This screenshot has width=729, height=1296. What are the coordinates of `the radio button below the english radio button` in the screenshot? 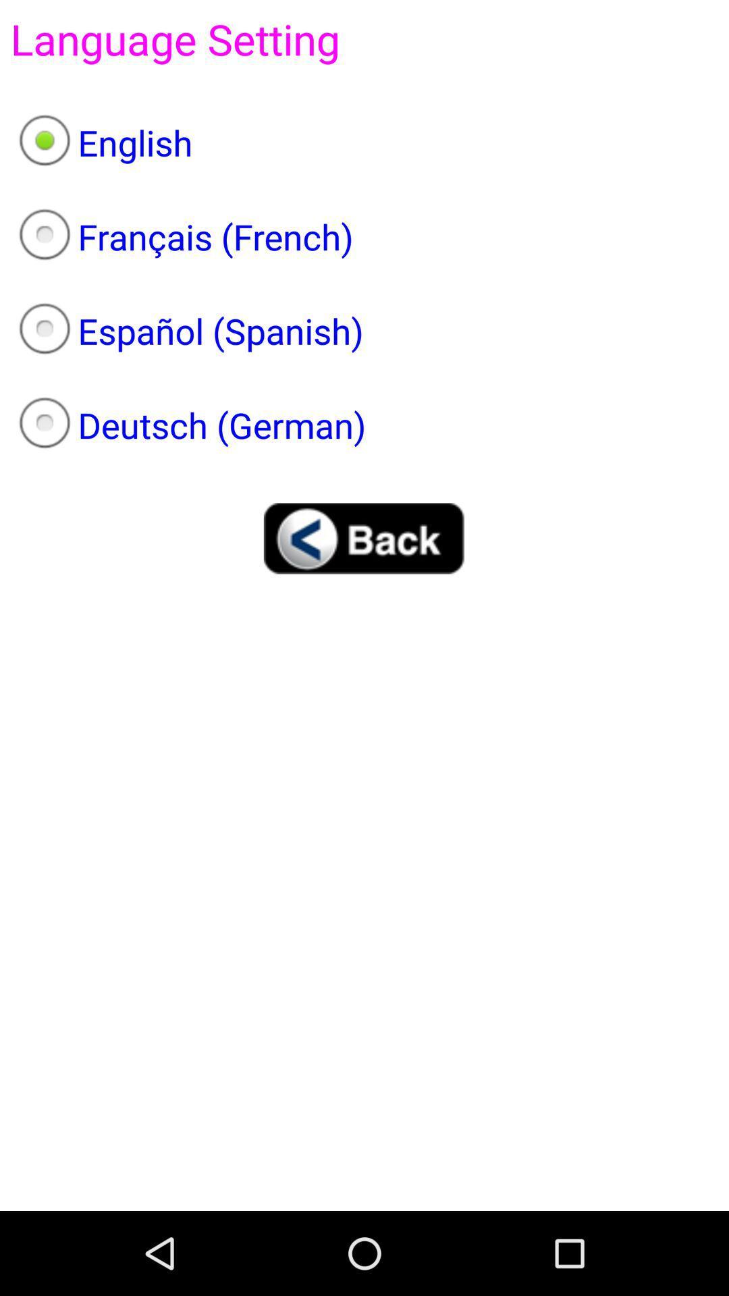 It's located at (364, 236).